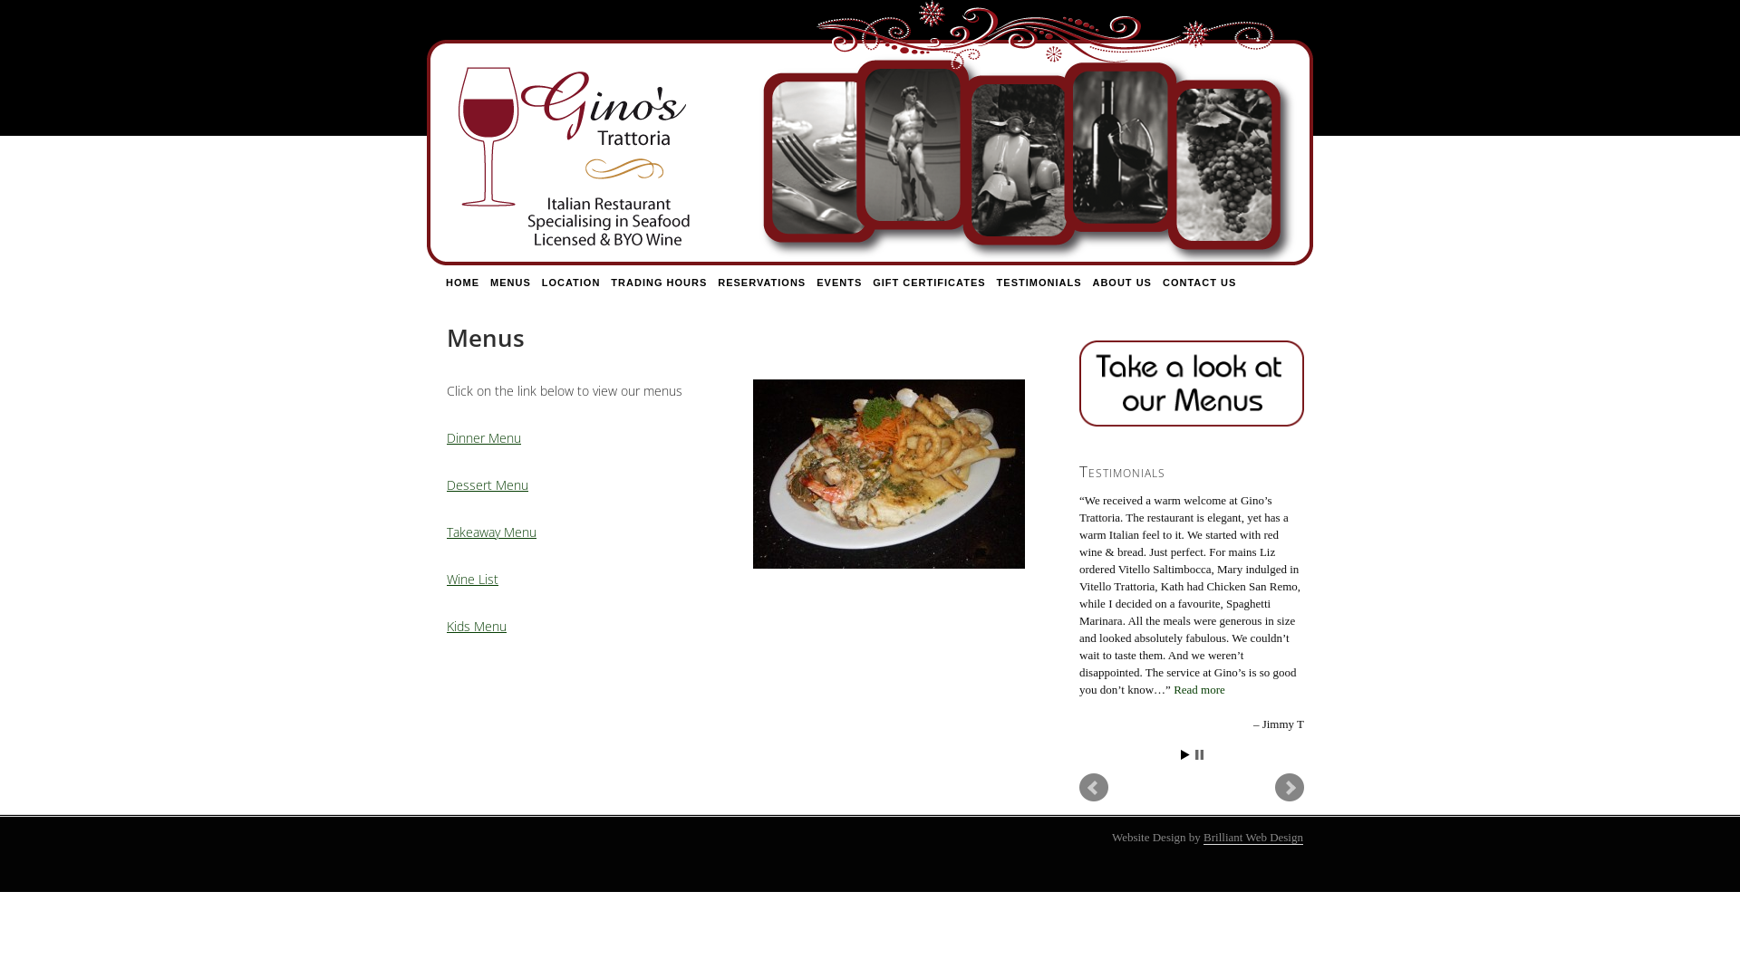 The width and height of the screenshot is (1740, 978). What do you see at coordinates (462, 283) in the screenshot?
I see `'HOME'` at bounding box center [462, 283].